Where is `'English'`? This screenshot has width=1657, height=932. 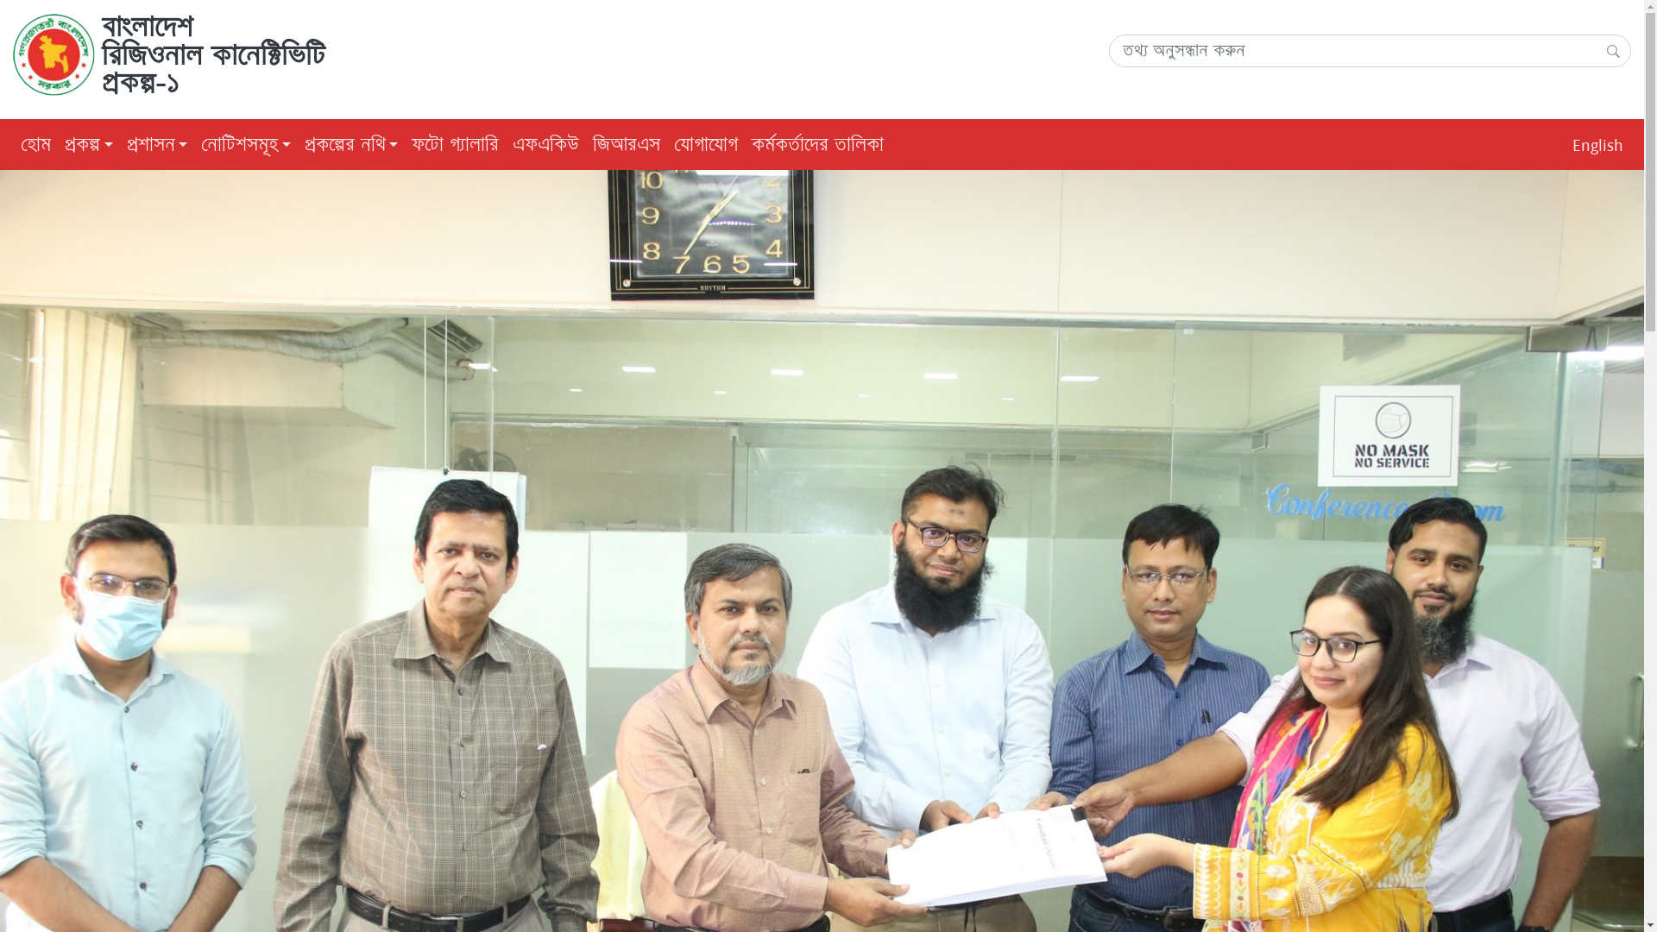
'English' is located at coordinates (1597, 143).